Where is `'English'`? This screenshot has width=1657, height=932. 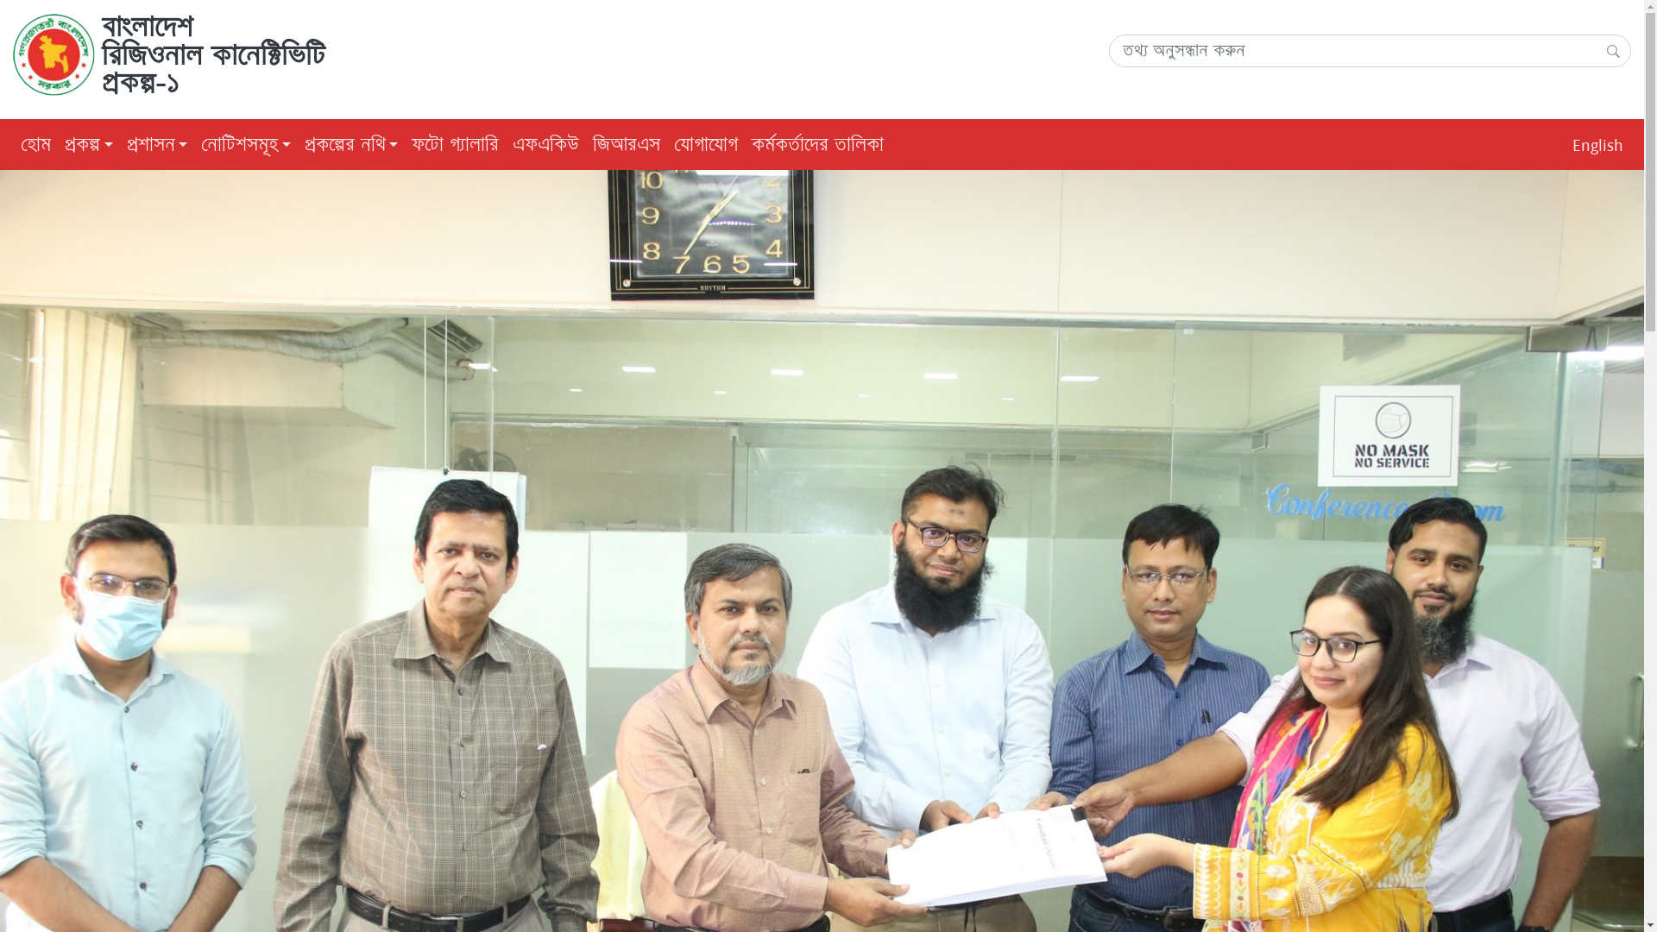
'English' is located at coordinates (1597, 143).